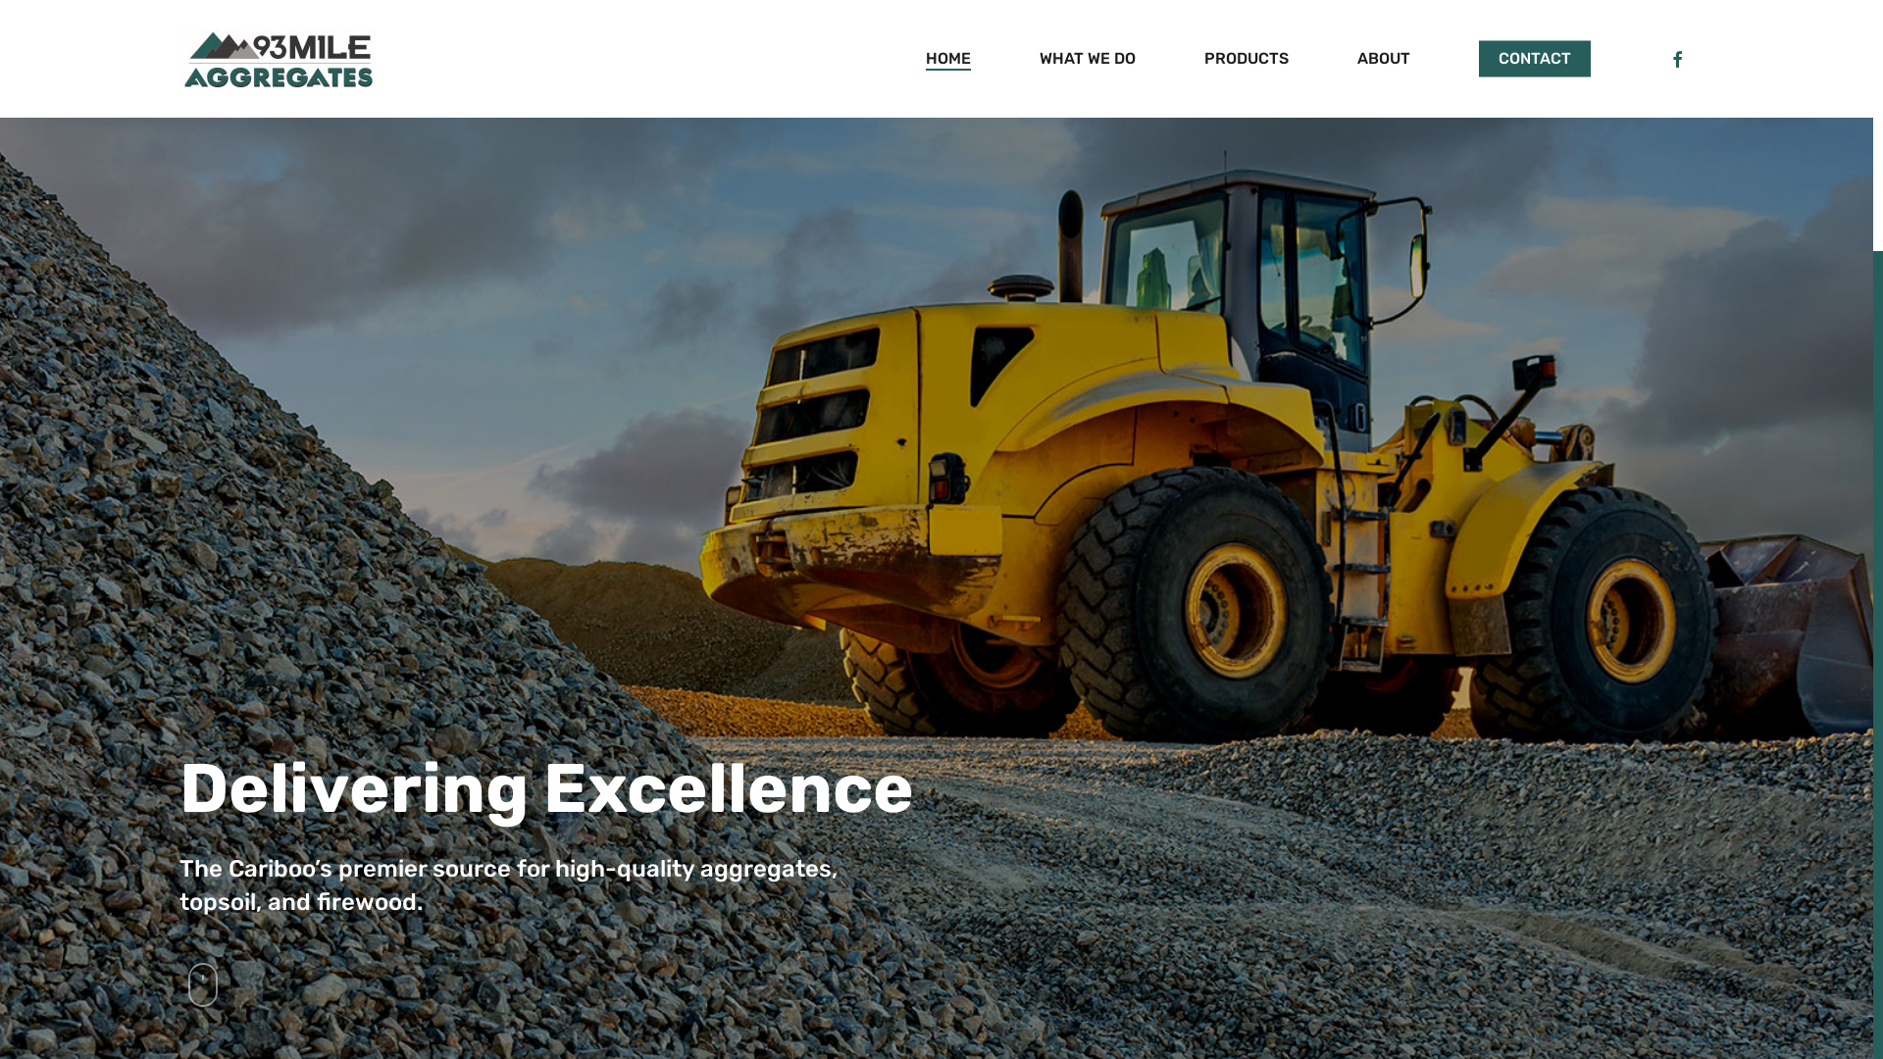 This screenshot has width=1883, height=1059. What do you see at coordinates (1675, 58) in the screenshot?
I see `'FACEBOOK'` at bounding box center [1675, 58].